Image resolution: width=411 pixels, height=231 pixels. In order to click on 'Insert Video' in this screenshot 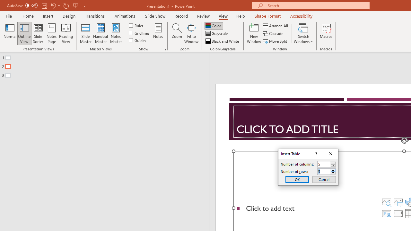, I will do `click(398, 214)`.